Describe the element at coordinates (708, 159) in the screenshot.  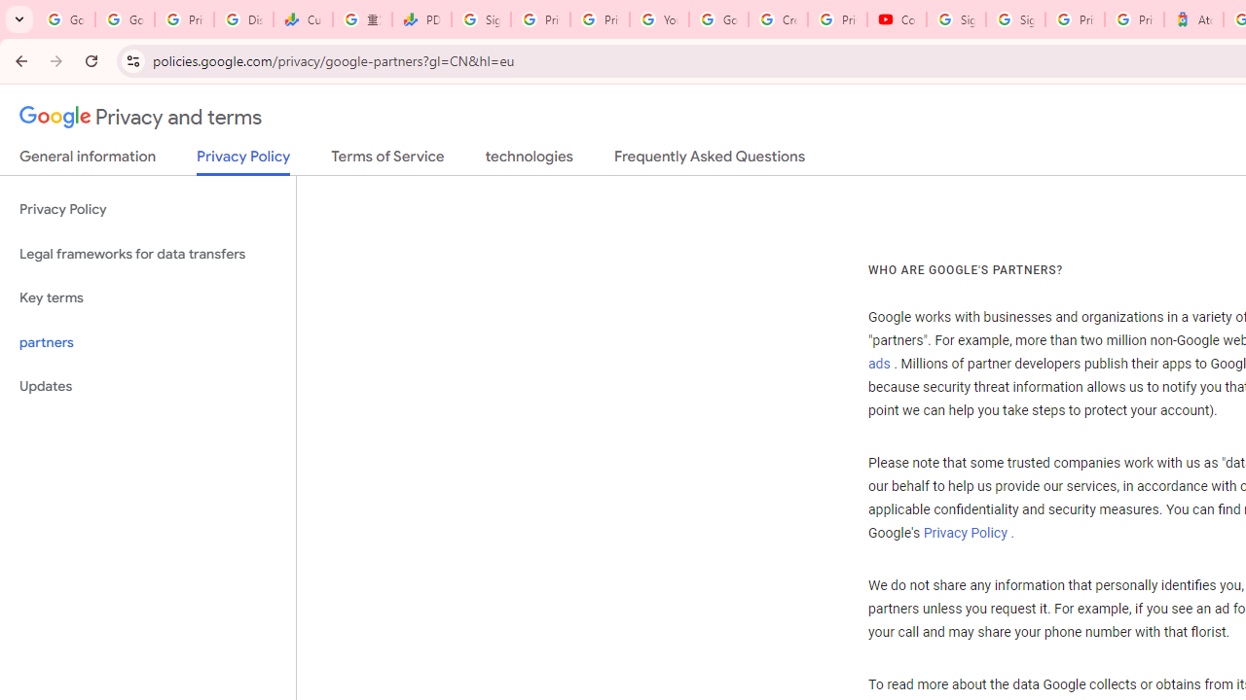
I see `'Frequently Asked Questions'` at that location.